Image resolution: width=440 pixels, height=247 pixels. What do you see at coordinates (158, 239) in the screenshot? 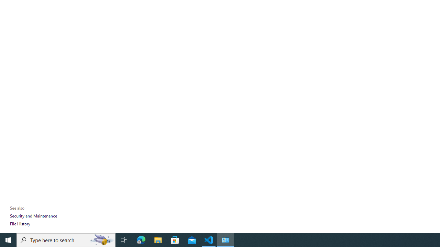
I see `'File Explorer'` at bounding box center [158, 239].